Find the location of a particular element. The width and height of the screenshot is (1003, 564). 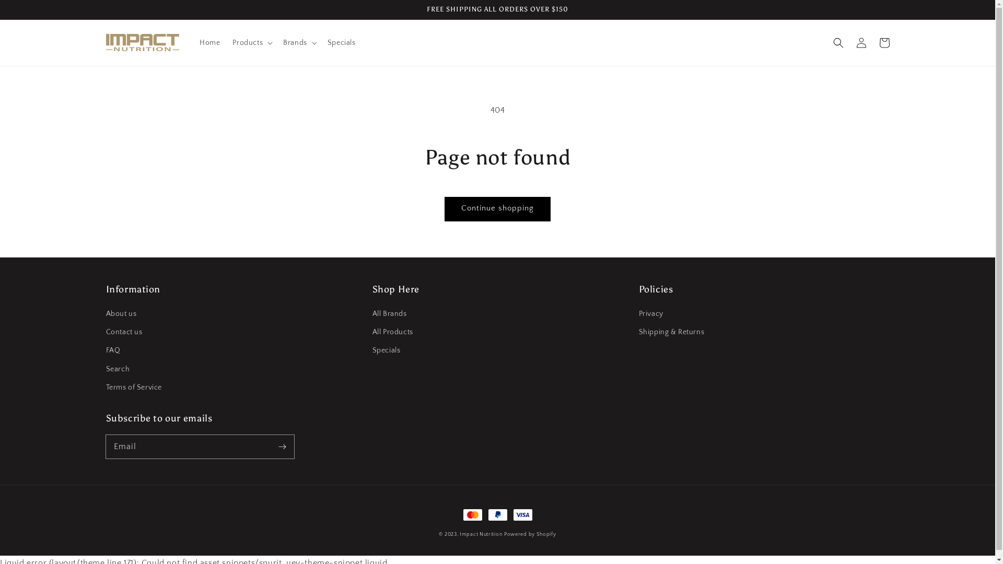

'Impact Nutrition' is located at coordinates (480, 534).